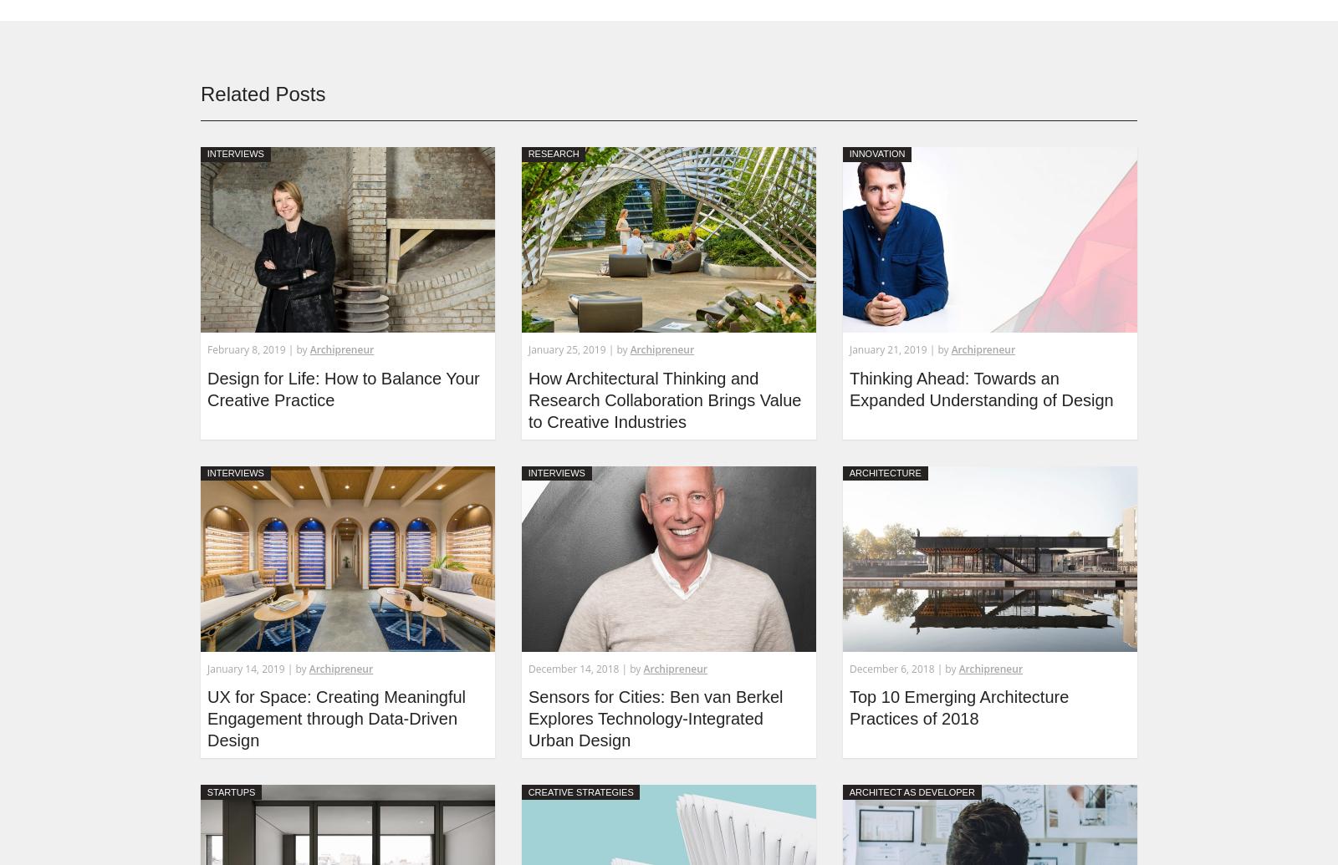  What do you see at coordinates (655, 717) in the screenshot?
I see `'Sensors for Cities: Ben van Berkel Explores Technology-Integrated Urban Design'` at bounding box center [655, 717].